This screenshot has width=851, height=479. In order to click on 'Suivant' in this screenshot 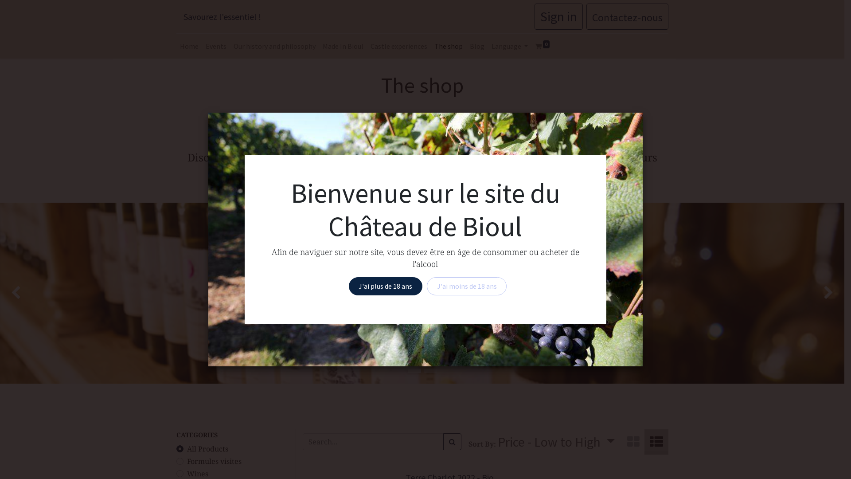, I will do `click(810, 293)`.